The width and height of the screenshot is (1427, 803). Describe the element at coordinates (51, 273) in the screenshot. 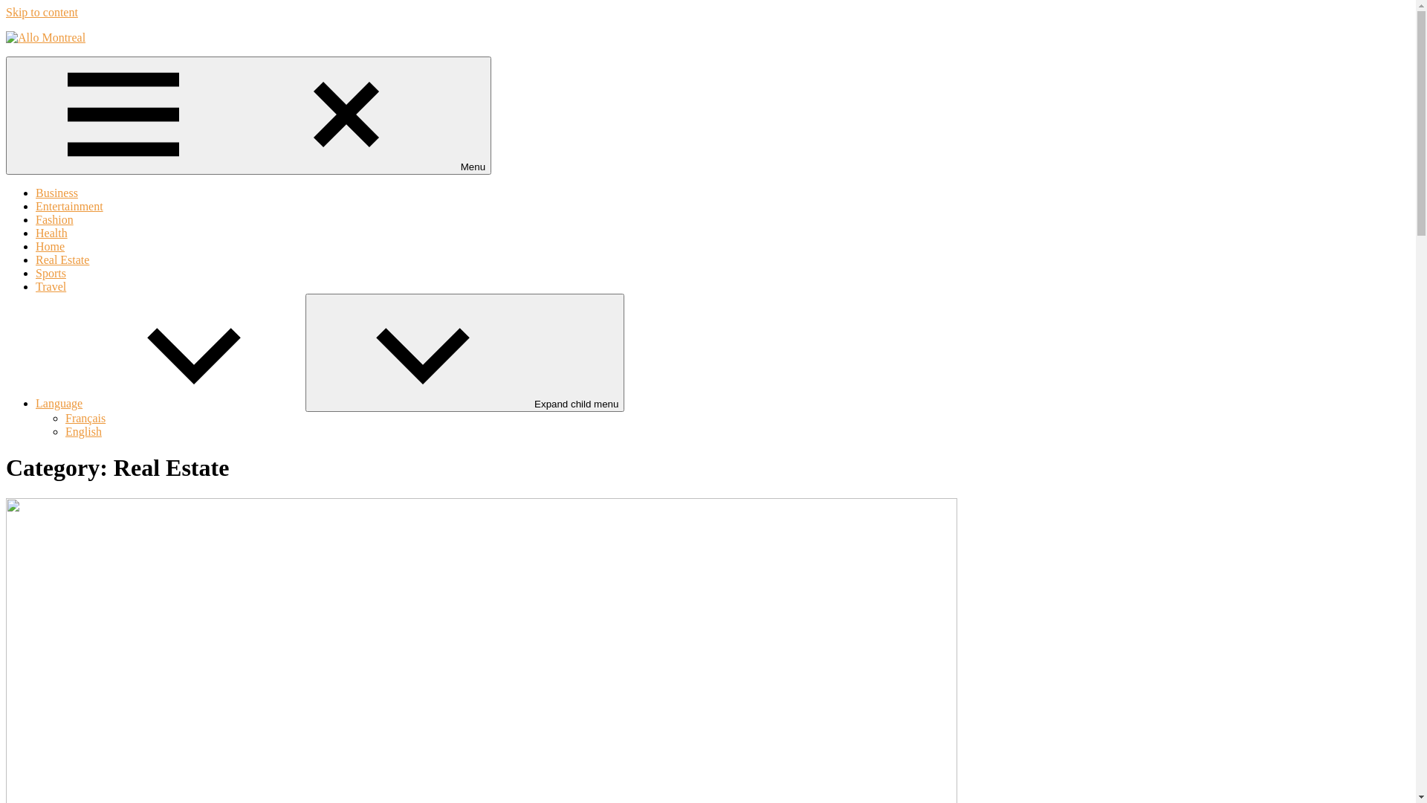

I see `'Sports'` at that location.